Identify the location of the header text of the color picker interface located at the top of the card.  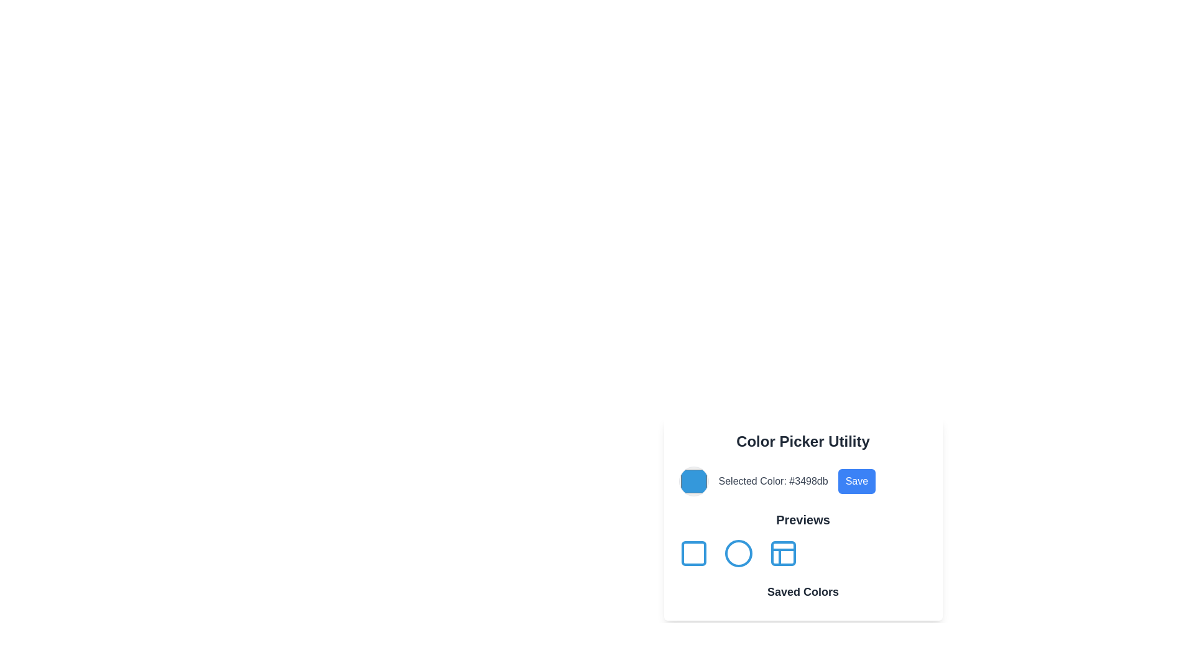
(803, 440).